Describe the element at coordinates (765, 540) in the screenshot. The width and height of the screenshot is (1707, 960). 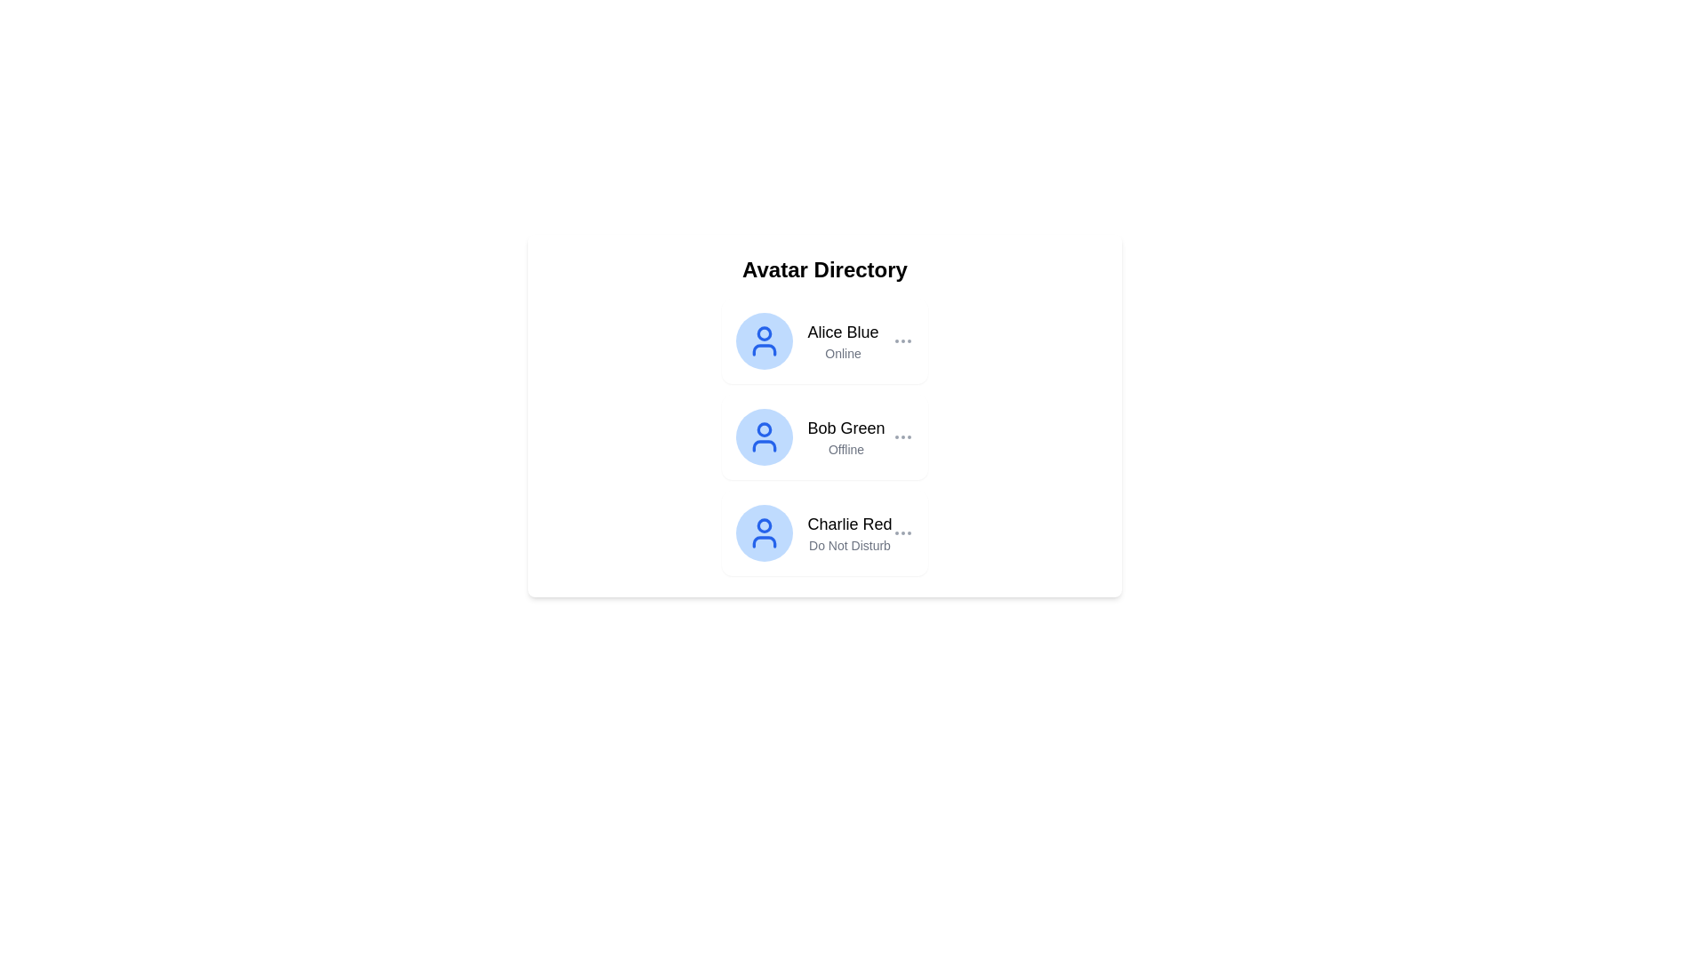
I see `the visual indicator representing the user's 'do not disturb' status located at the bottom of the avatar icon for the third entry in the 'Avatar Directory' list` at that location.